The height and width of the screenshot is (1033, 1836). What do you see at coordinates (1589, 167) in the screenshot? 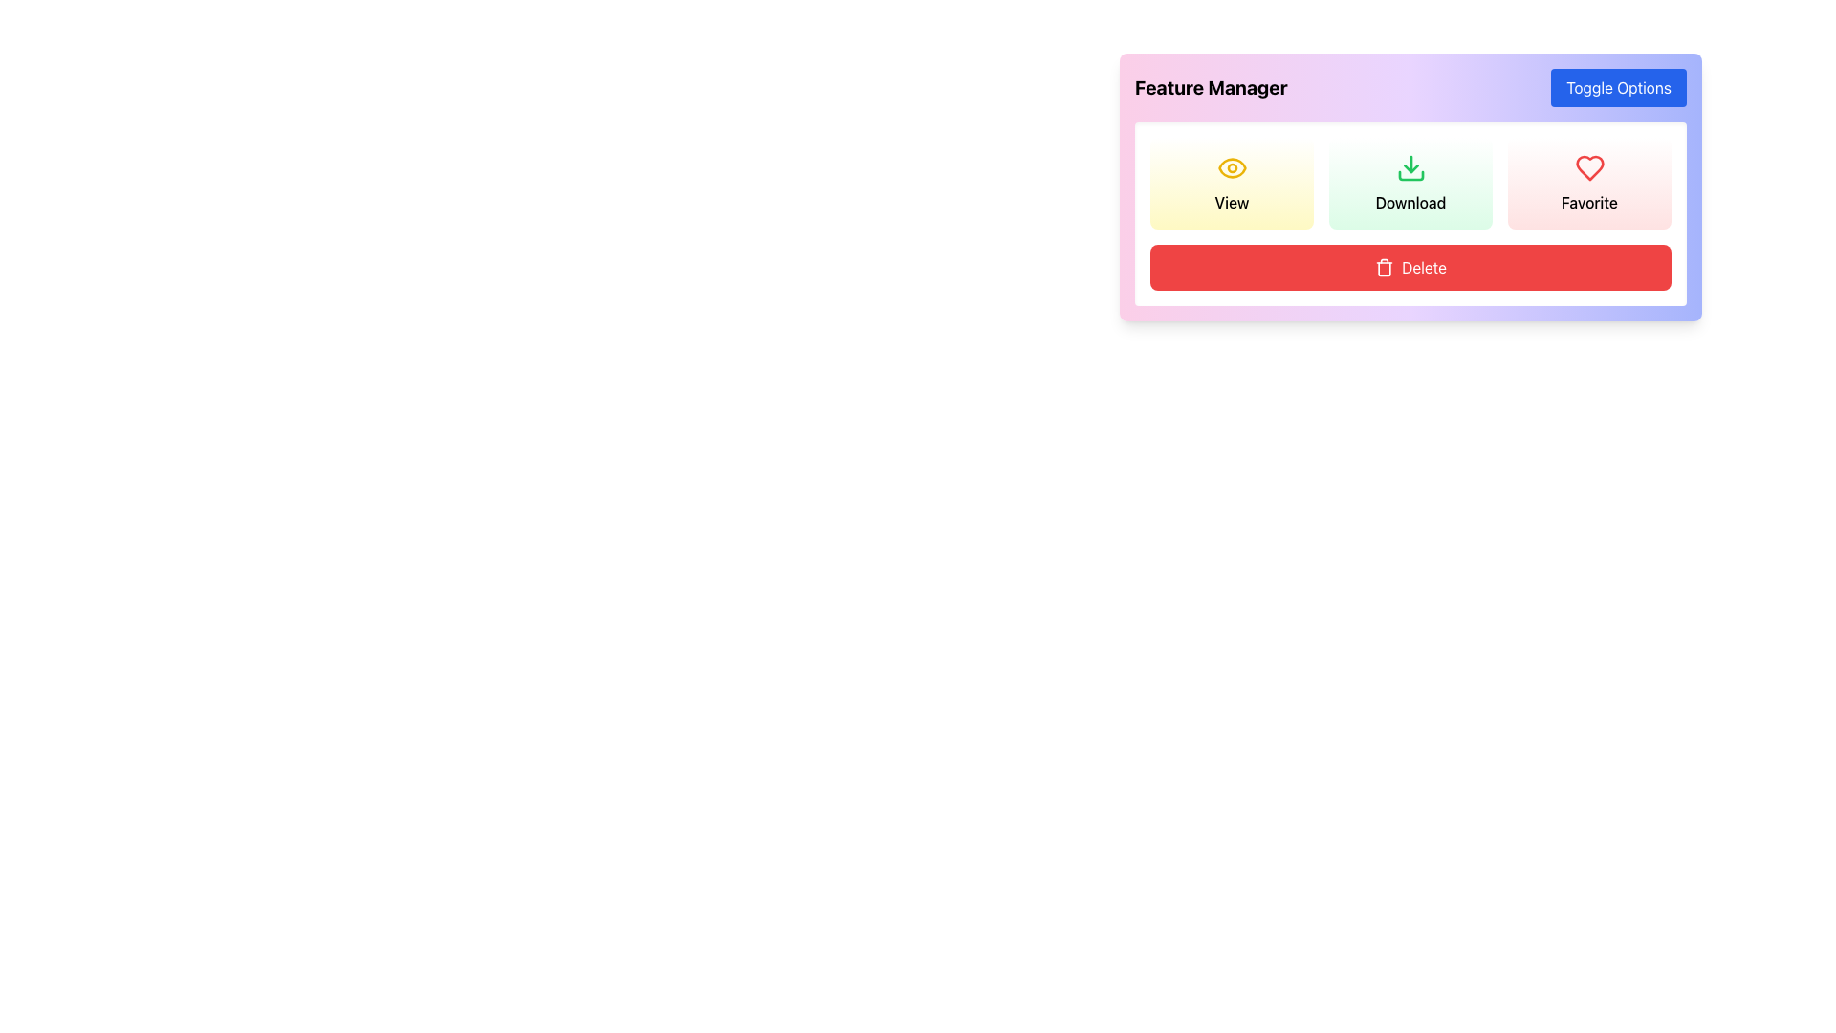
I see `the heart icon representing the 'Favorite' function` at bounding box center [1589, 167].